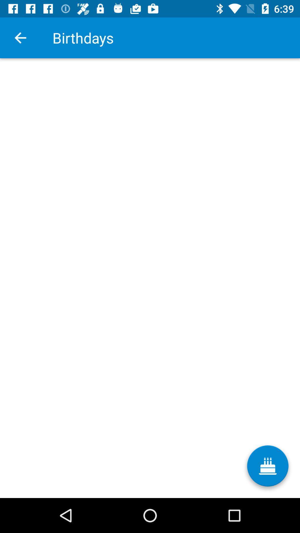 The width and height of the screenshot is (300, 533). I want to click on icon to the left of birthdays, so click(20, 37).